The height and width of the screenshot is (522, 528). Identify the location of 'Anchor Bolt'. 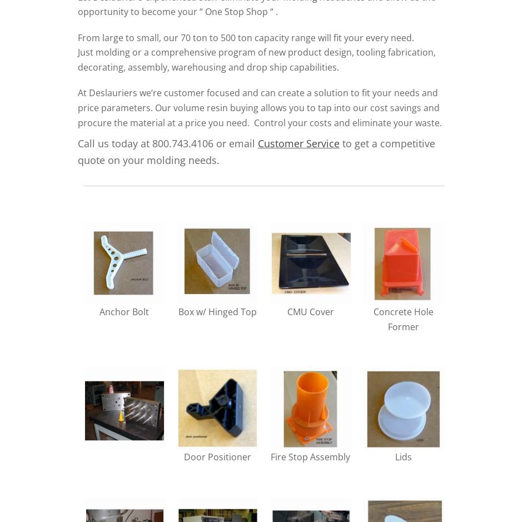
(124, 311).